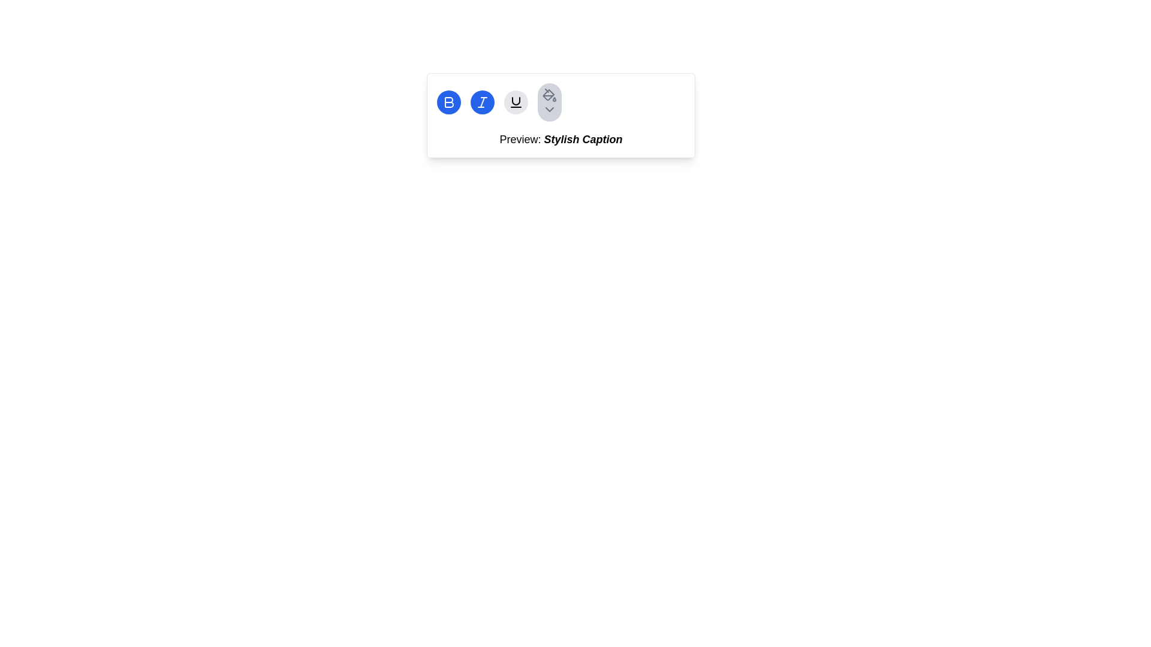 The height and width of the screenshot is (647, 1151). I want to click on the upper and larger curved stroke of the vector graphic component within the icon, which is a light-colored semi-circle against a neutral background, so click(516, 101).